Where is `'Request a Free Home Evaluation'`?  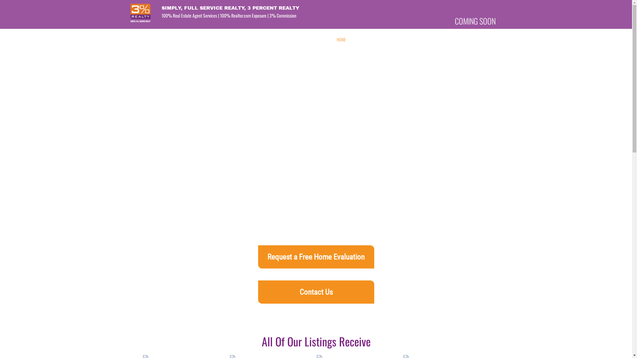 'Request a Free Home Evaluation' is located at coordinates (316, 257).